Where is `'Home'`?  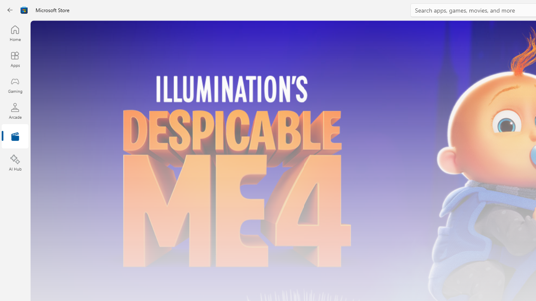
'Home' is located at coordinates (15, 33).